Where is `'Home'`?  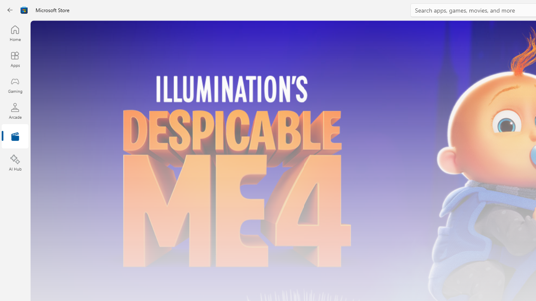
'Home' is located at coordinates (15, 33).